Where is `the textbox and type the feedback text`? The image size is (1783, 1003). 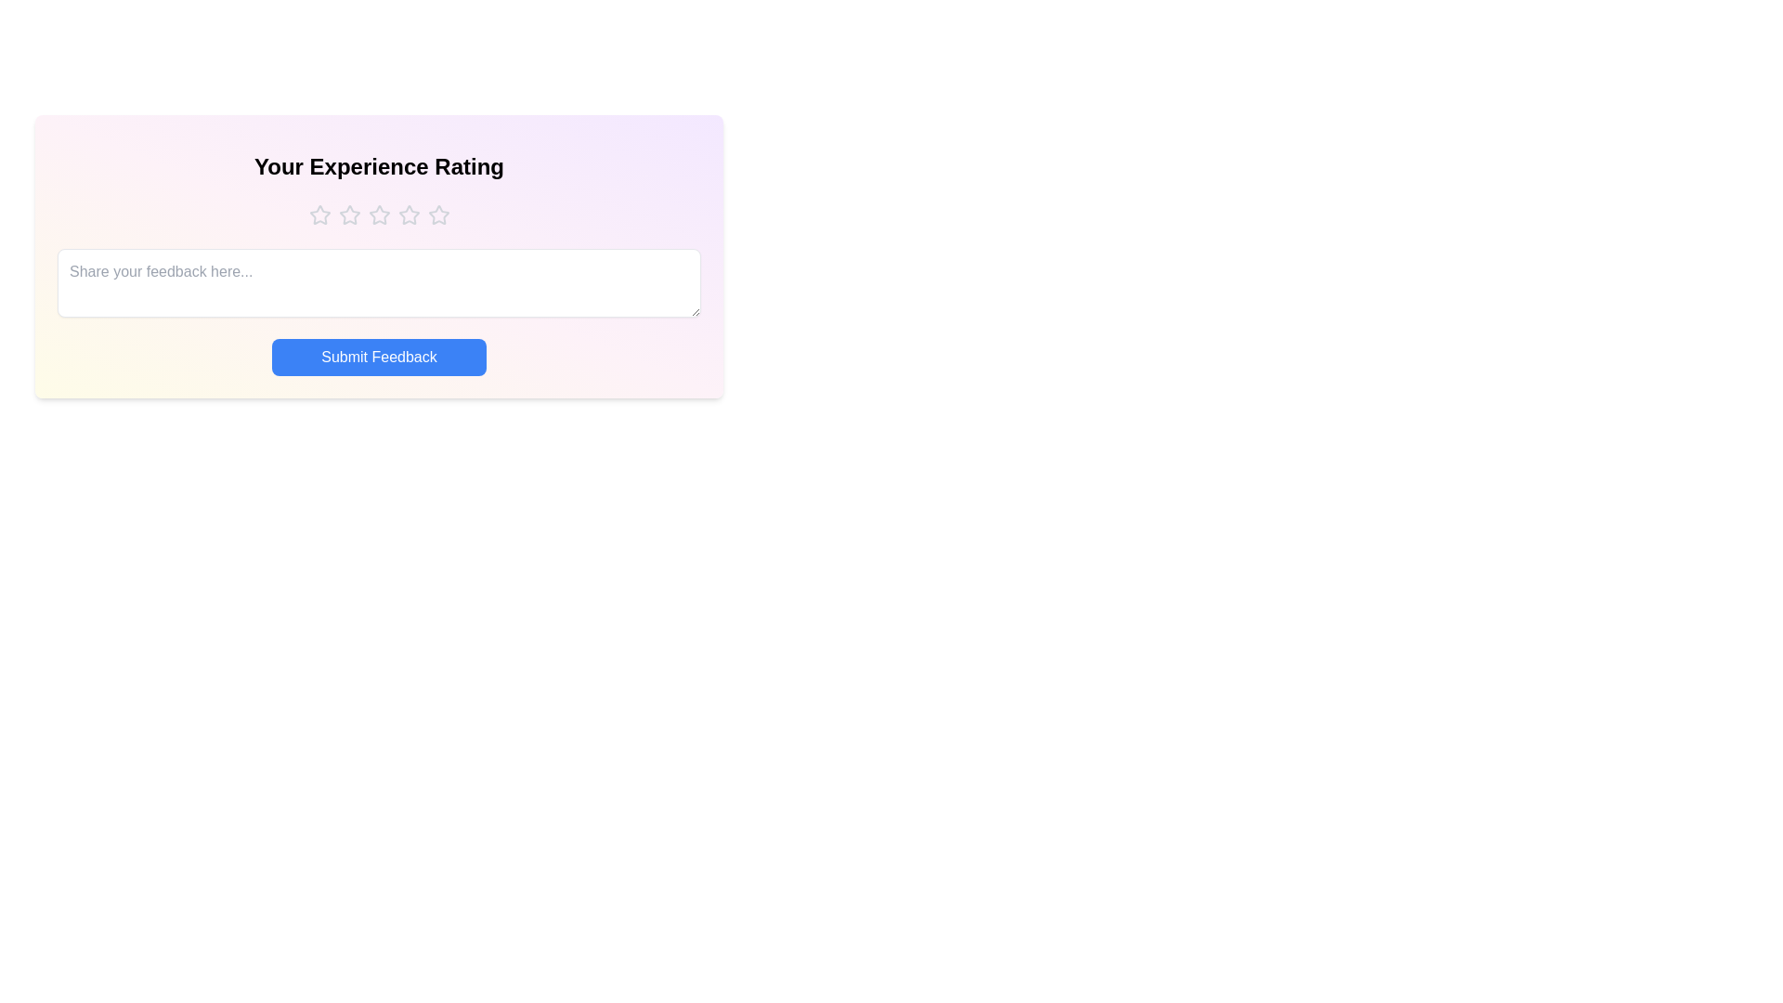 the textbox and type the feedback text is located at coordinates (378, 282).